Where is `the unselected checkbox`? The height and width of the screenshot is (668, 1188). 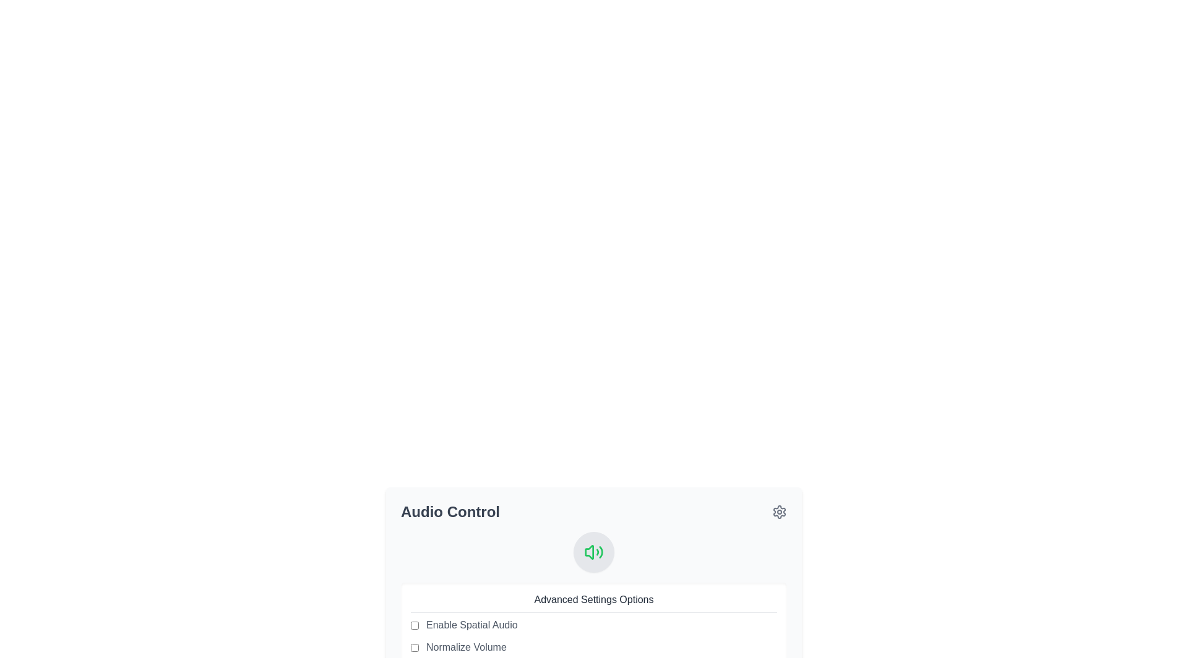 the unselected checkbox is located at coordinates (415, 625).